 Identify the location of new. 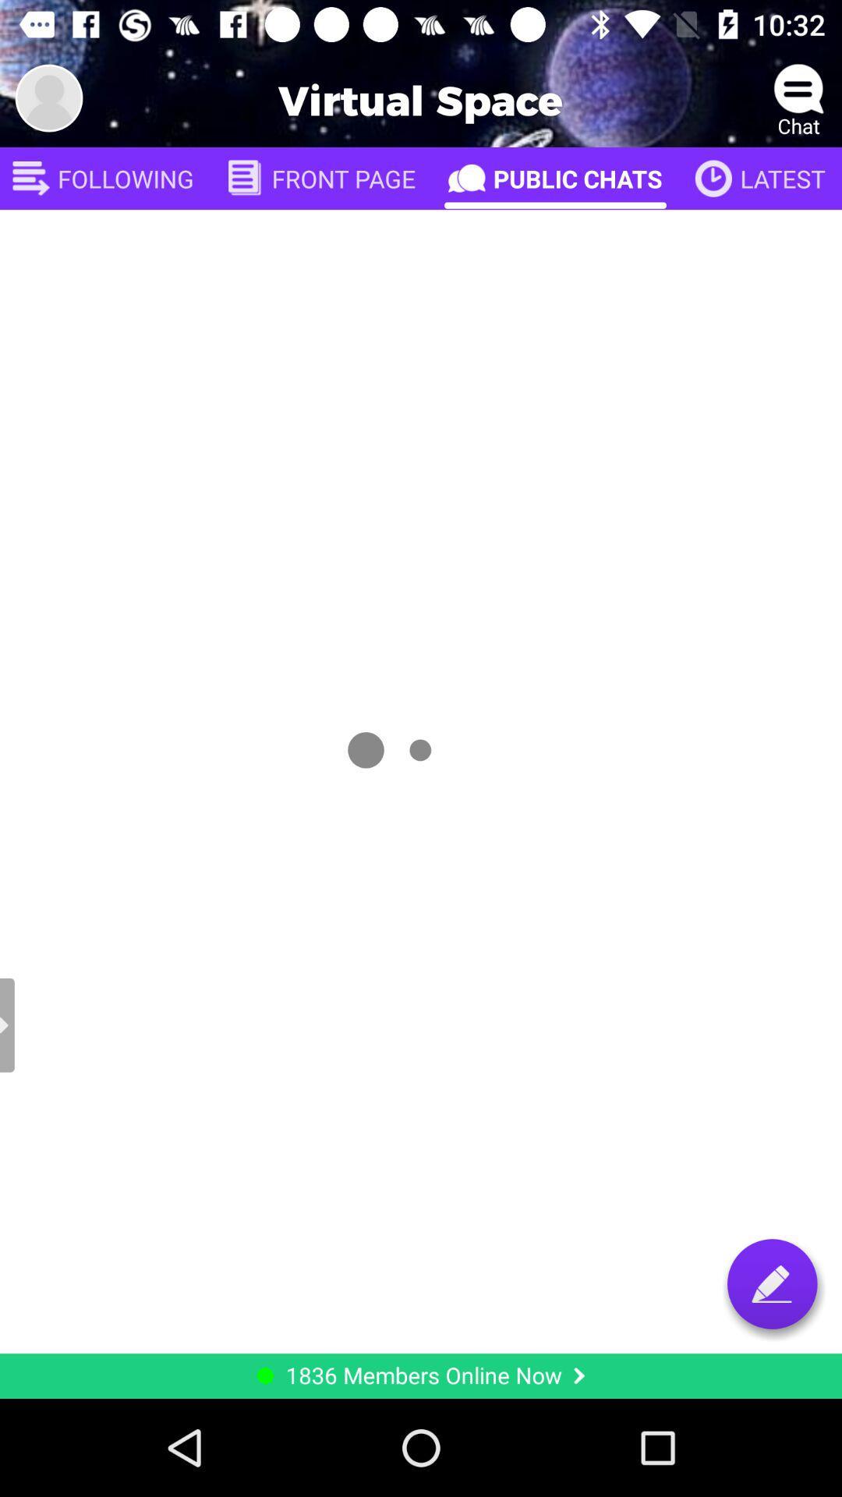
(772, 1283).